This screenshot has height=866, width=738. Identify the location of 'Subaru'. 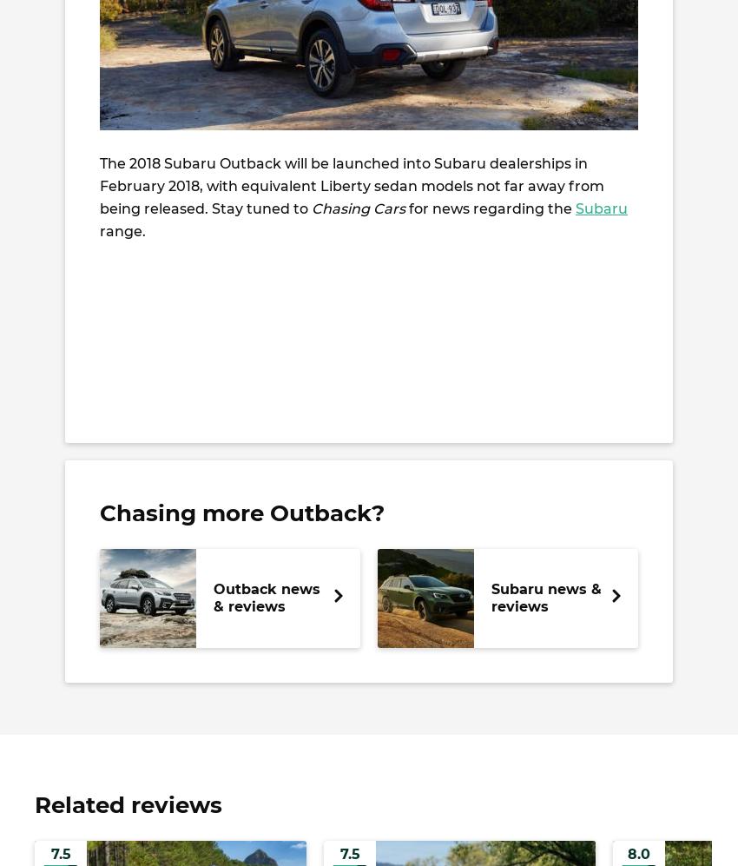
(601, 208).